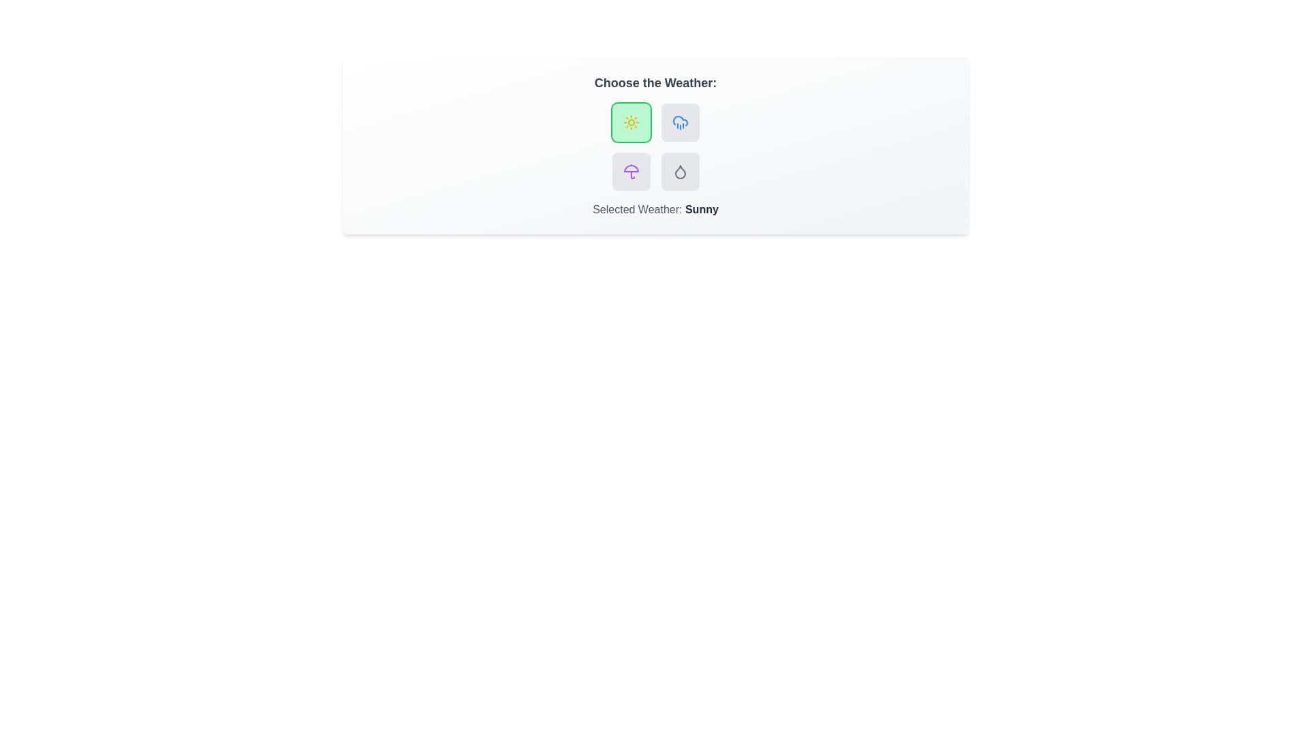 This screenshot has width=1308, height=736. What do you see at coordinates (680, 123) in the screenshot?
I see `the weather button corresponding to Rainy` at bounding box center [680, 123].